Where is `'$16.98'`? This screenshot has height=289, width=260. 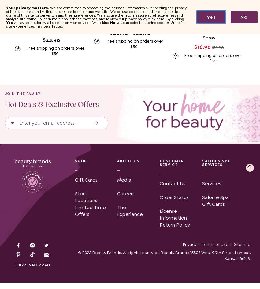 '$16.98' is located at coordinates (203, 47).